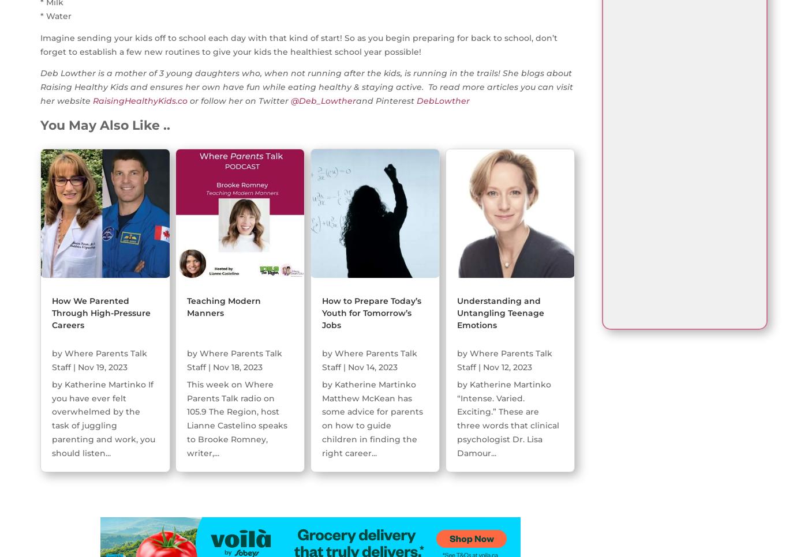 This screenshot has height=557, width=808. What do you see at coordinates (187, 101) in the screenshot?
I see `'or follow her on Twitter'` at bounding box center [187, 101].